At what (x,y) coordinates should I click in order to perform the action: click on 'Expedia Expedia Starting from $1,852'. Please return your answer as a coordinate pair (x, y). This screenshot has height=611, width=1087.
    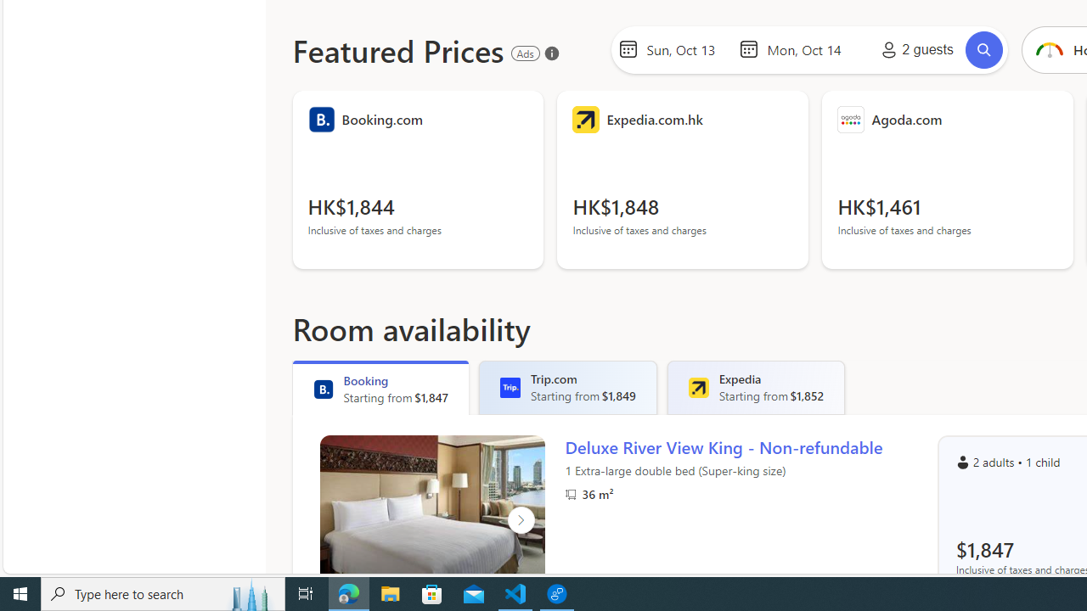
    Looking at the image, I should click on (755, 387).